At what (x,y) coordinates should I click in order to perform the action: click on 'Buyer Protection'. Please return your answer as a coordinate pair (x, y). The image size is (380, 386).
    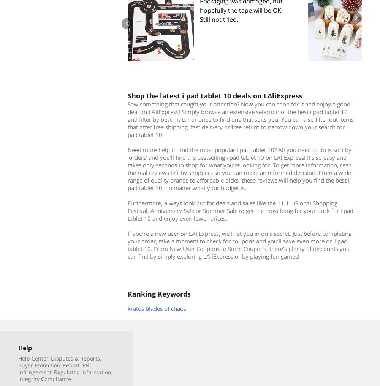
    Looking at the image, I should click on (18, 365).